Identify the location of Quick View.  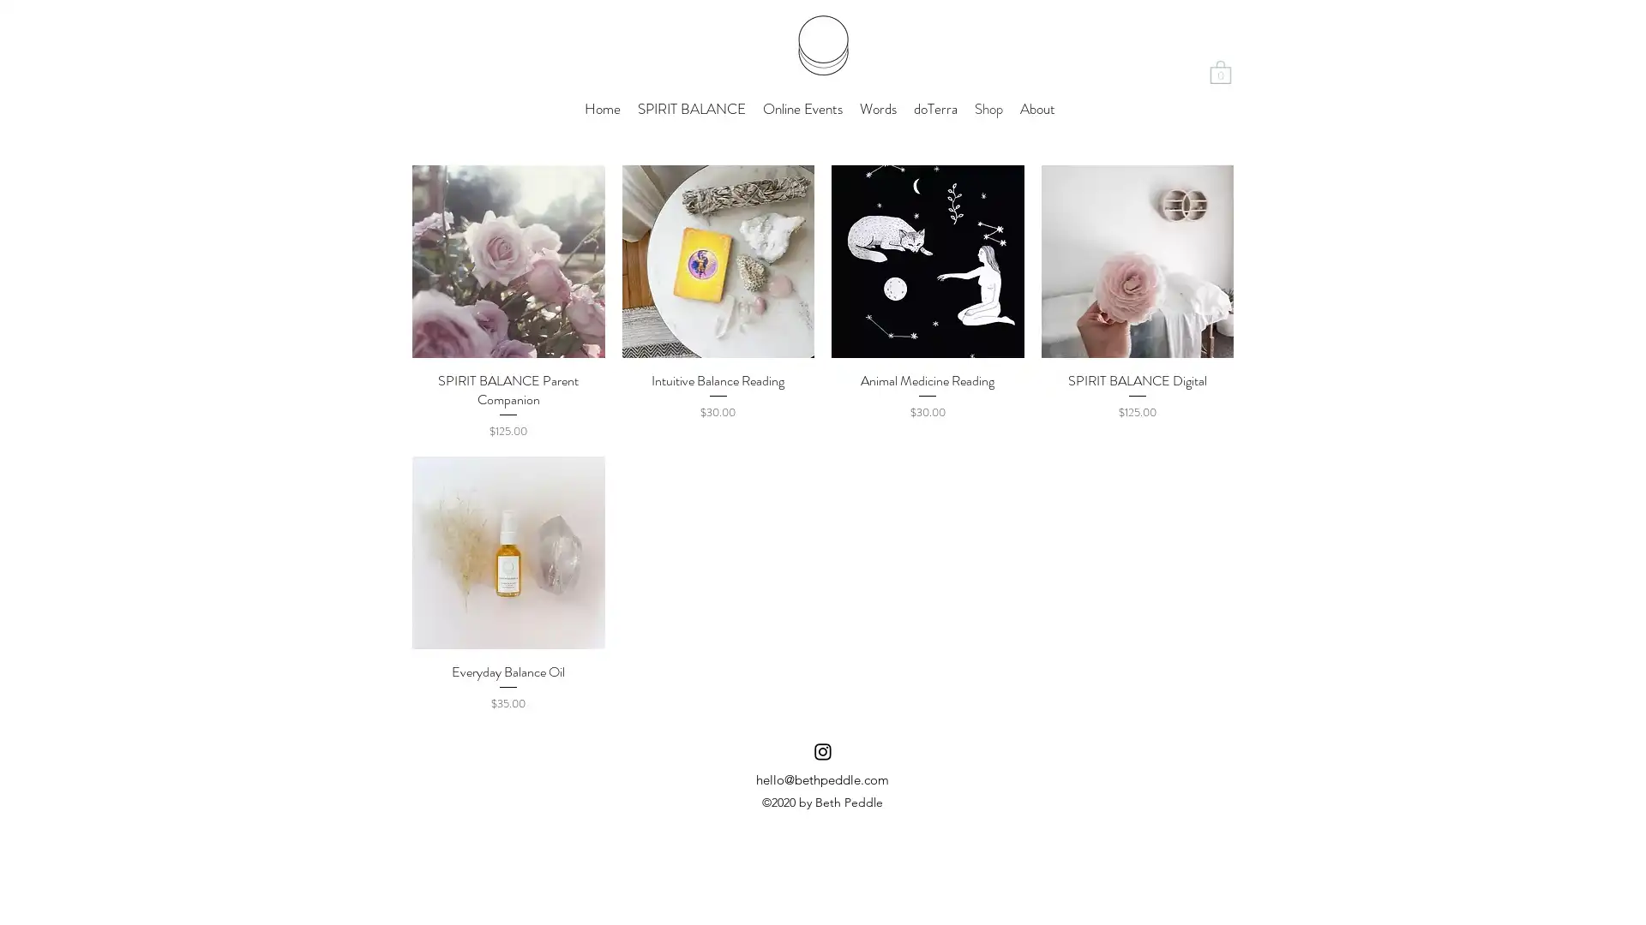
(508, 378).